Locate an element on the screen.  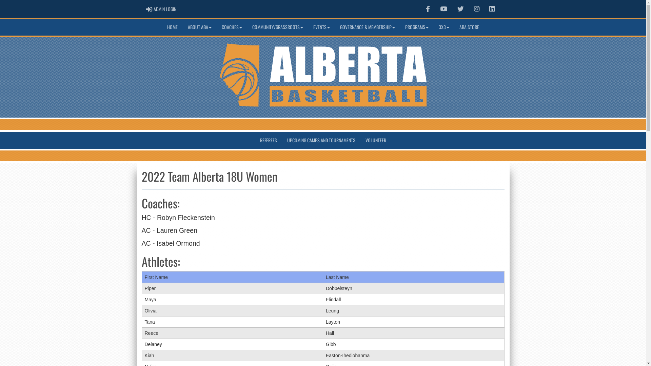
'ABOUT ABA' is located at coordinates (199, 27).